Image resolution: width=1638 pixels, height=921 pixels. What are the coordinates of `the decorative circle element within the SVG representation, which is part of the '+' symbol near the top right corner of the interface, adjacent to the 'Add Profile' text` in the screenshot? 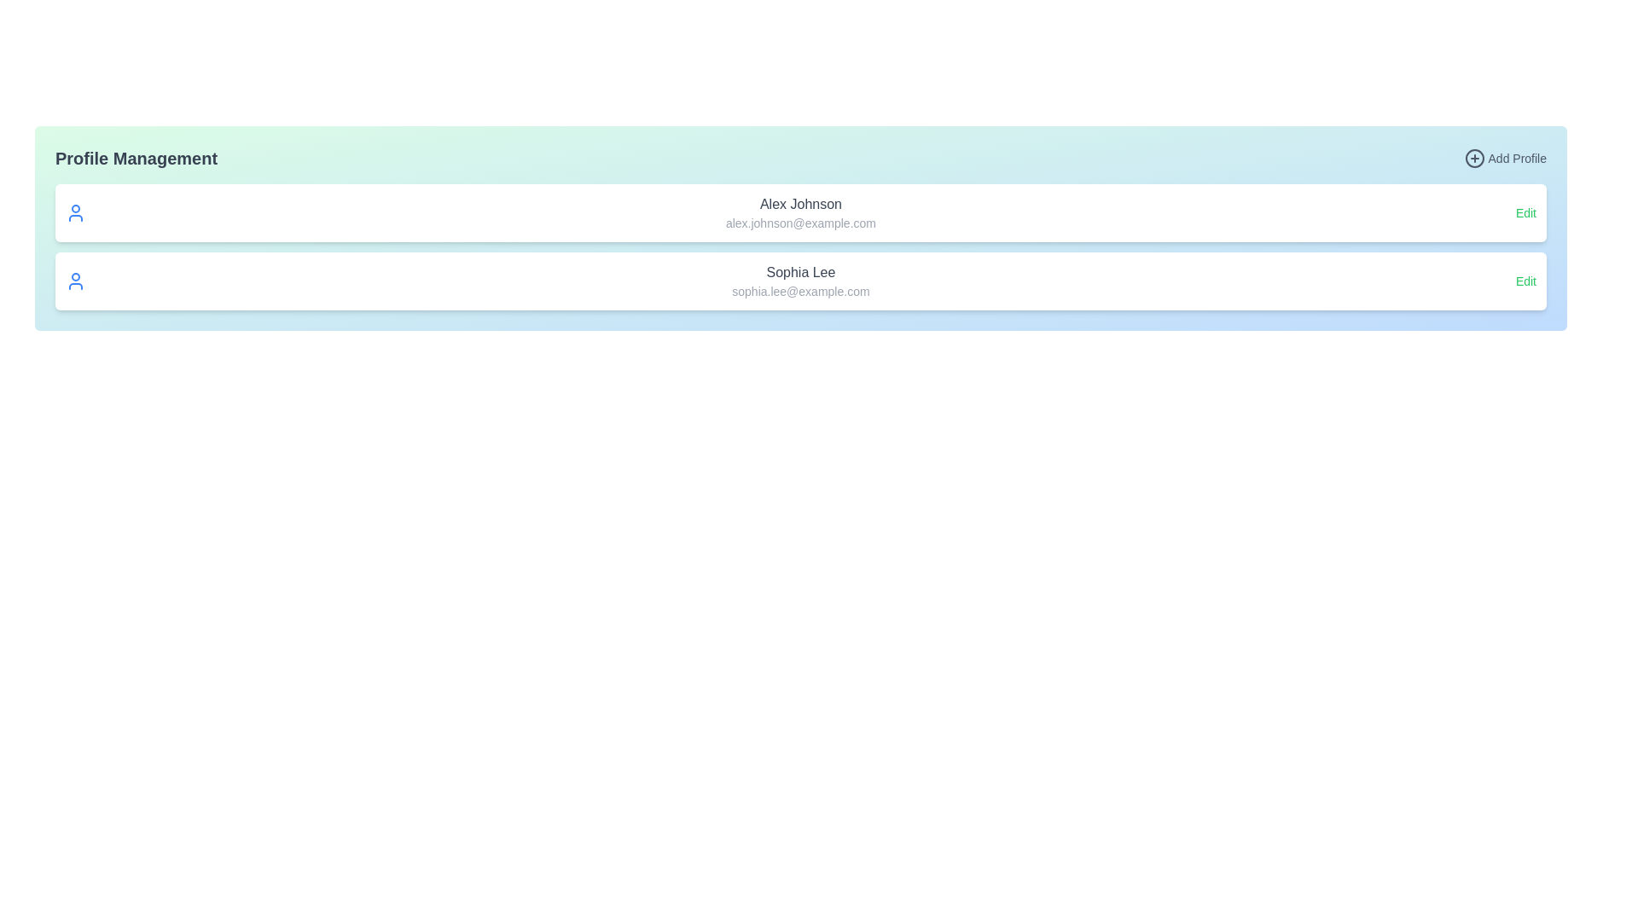 It's located at (1473, 158).